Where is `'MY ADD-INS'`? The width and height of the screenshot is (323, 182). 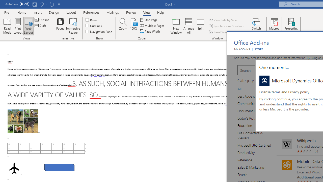 'MY ADD-INS' is located at coordinates (241, 49).